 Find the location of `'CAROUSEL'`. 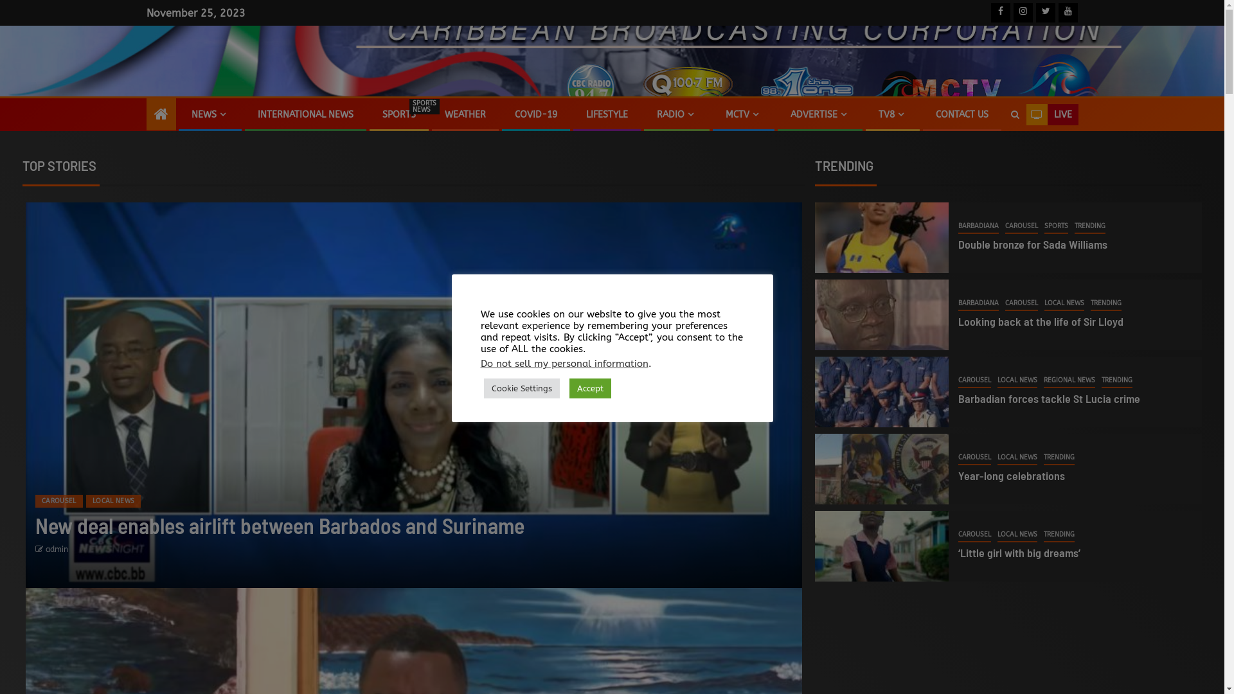

'CAROUSEL' is located at coordinates (1021, 226).